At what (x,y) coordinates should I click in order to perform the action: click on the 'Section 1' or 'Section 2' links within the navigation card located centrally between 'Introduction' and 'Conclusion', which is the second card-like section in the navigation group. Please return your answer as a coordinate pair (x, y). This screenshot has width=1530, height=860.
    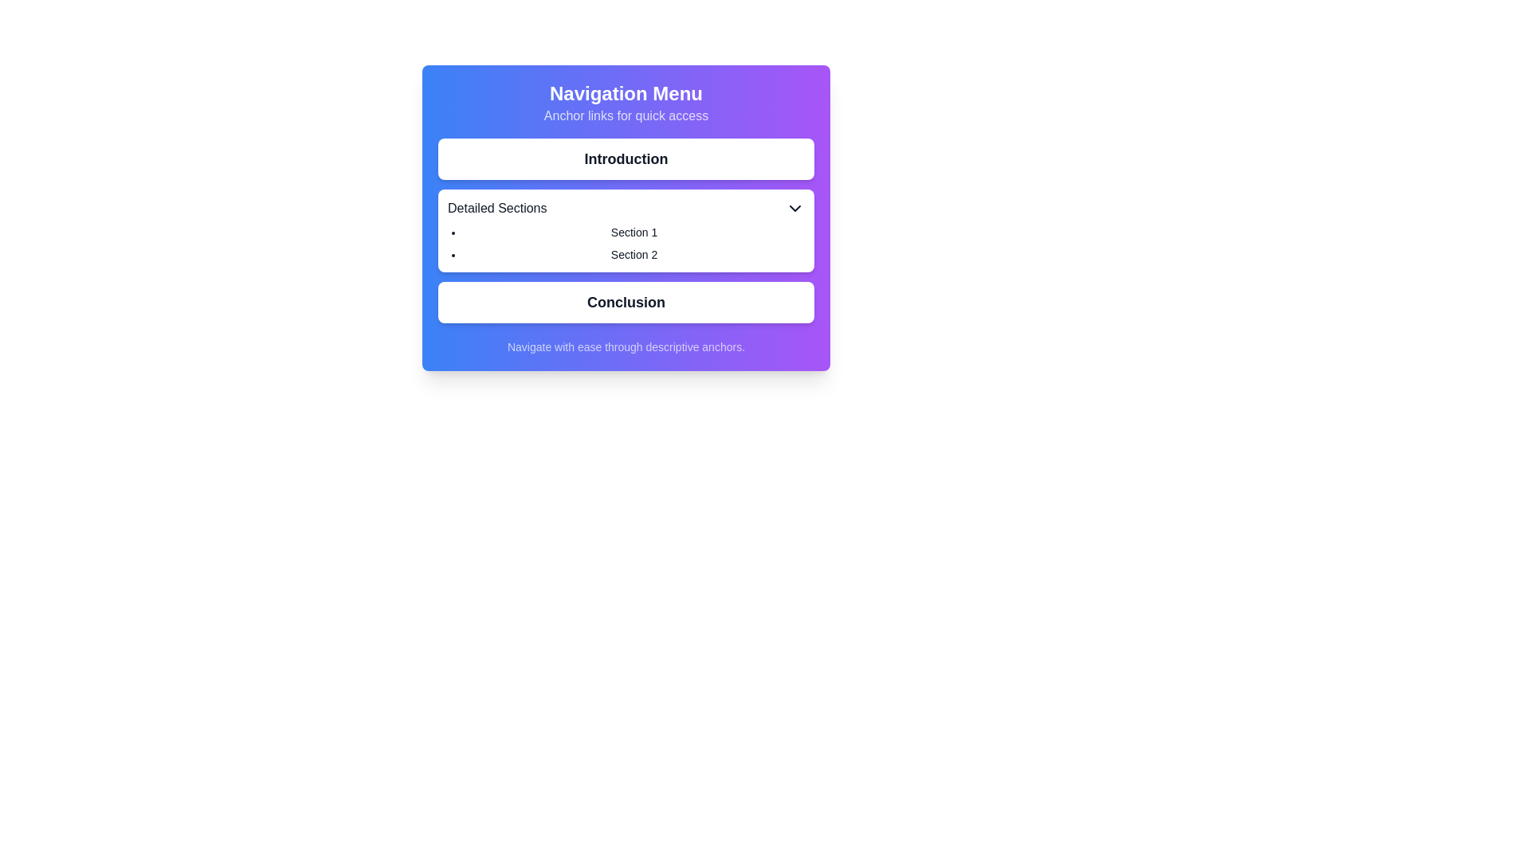
    Looking at the image, I should click on (626, 230).